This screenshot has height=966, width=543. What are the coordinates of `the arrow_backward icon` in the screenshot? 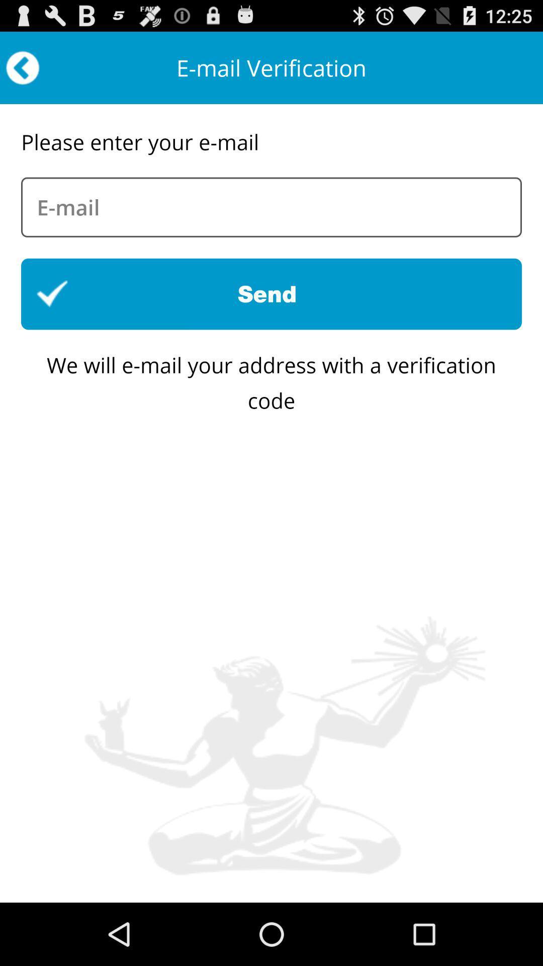 It's located at (23, 72).